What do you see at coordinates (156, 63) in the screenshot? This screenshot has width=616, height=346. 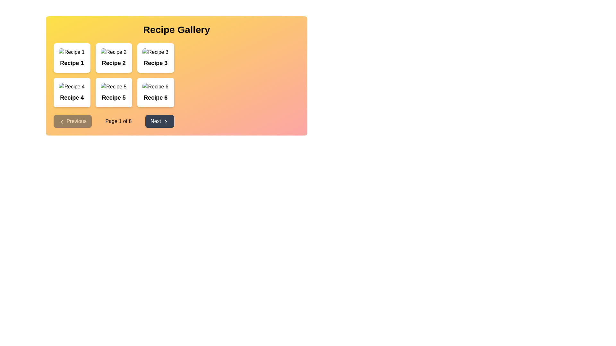 I see `the Text label displaying the title of the recipe entry located below the image labeled 'Recipe 3' in the grid of recipe items` at bounding box center [156, 63].